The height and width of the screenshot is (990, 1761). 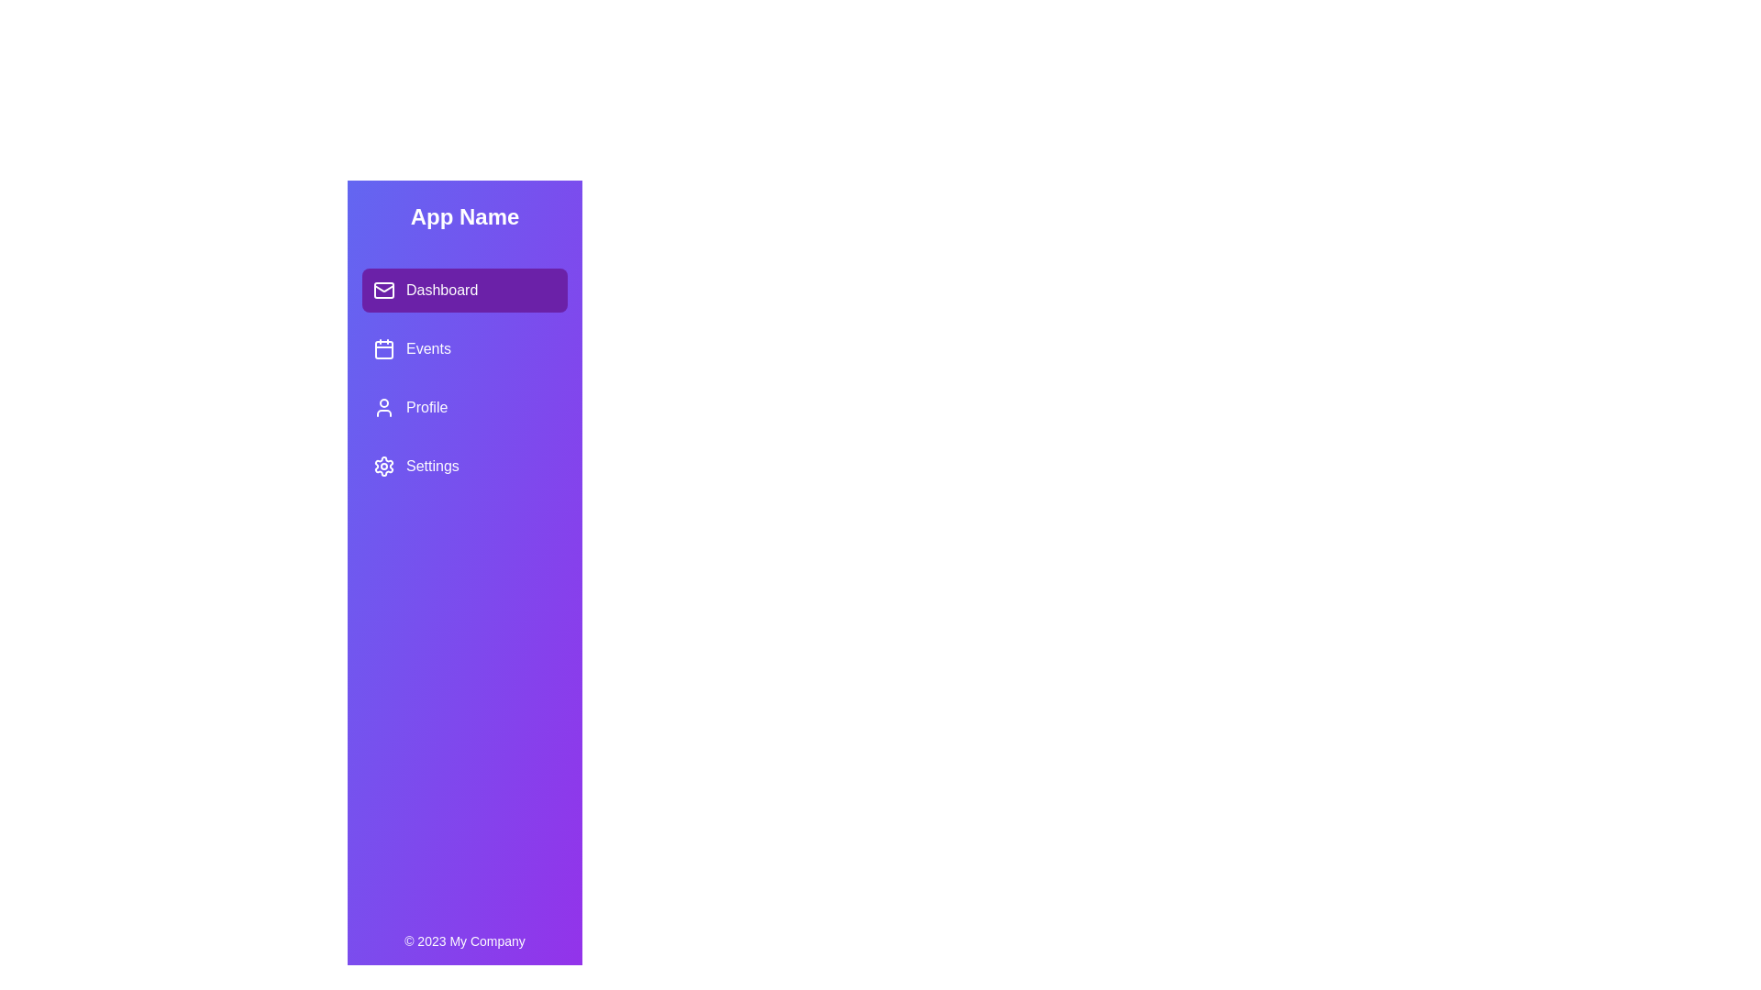 What do you see at coordinates (465, 940) in the screenshot?
I see `the footer text to display additional information` at bounding box center [465, 940].